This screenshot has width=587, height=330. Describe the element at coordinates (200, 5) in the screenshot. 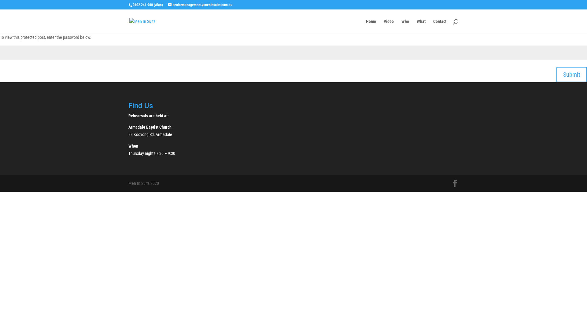

I see `'seniormanagement@meninsuits.com.au'` at that location.